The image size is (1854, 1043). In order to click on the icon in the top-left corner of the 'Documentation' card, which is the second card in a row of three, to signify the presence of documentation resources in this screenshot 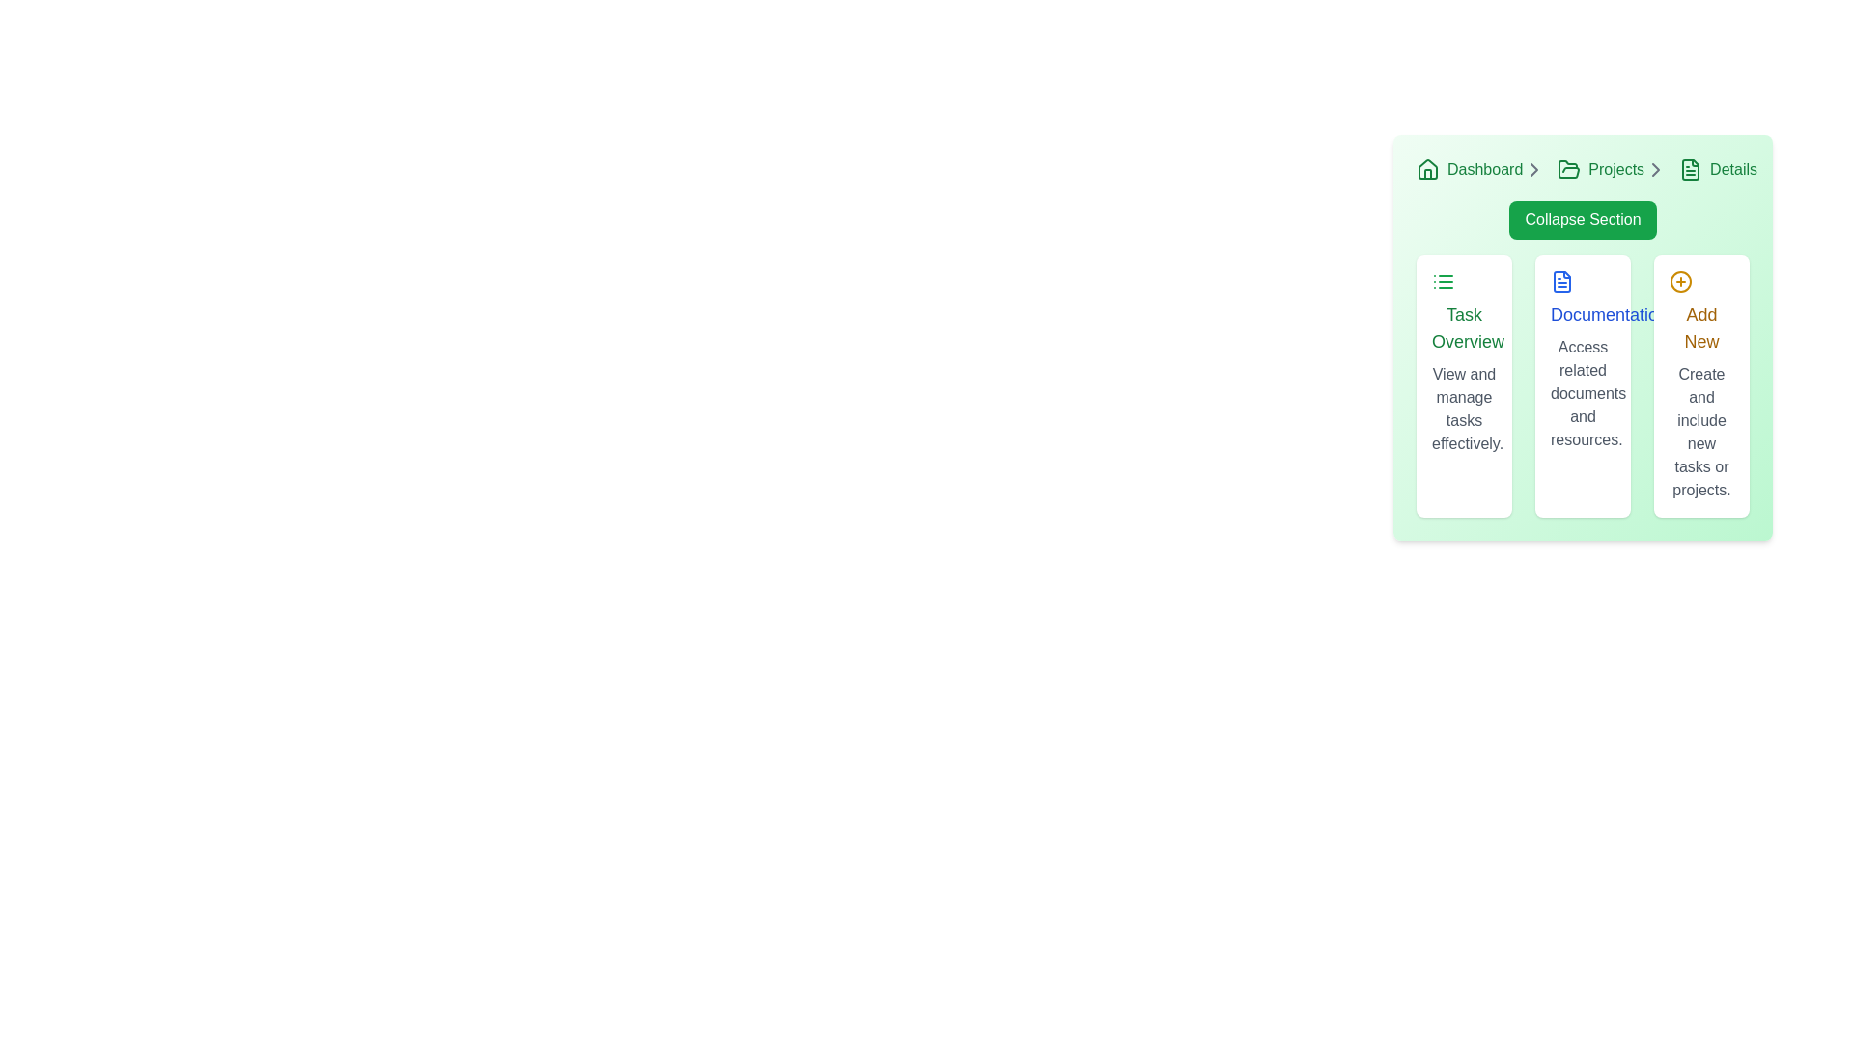, I will do `click(1561, 282)`.